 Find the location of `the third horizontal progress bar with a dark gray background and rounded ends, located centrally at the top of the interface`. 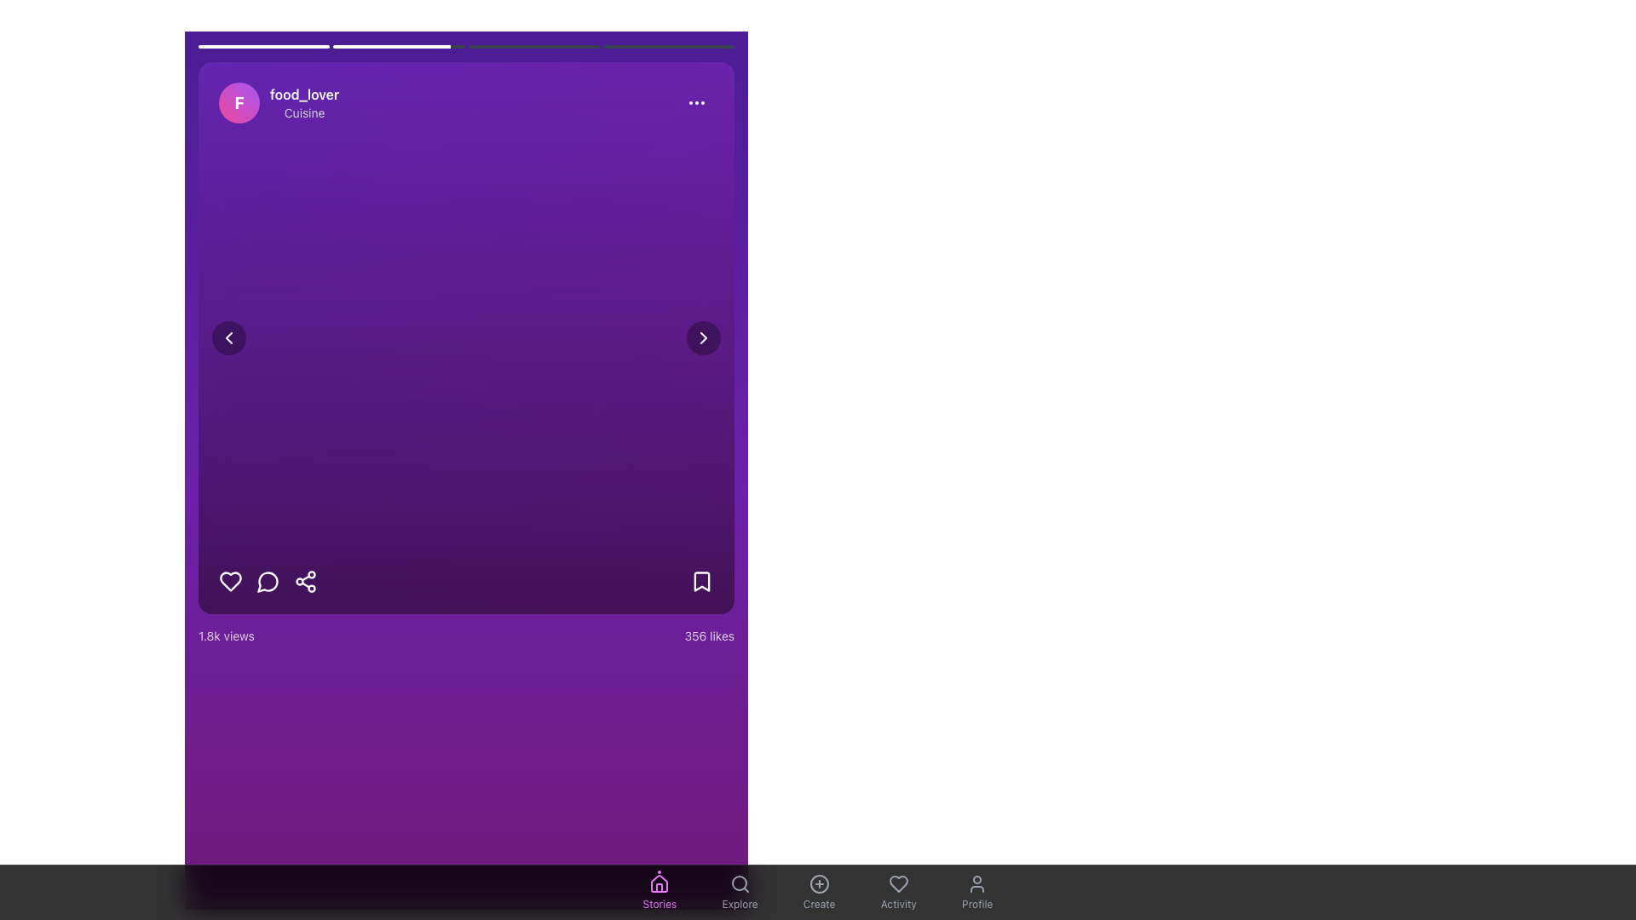

the third horizontal progress bar with a dark gray background and rounded ends, located centrally at the top of the interface is located at coordinates (533, 45).